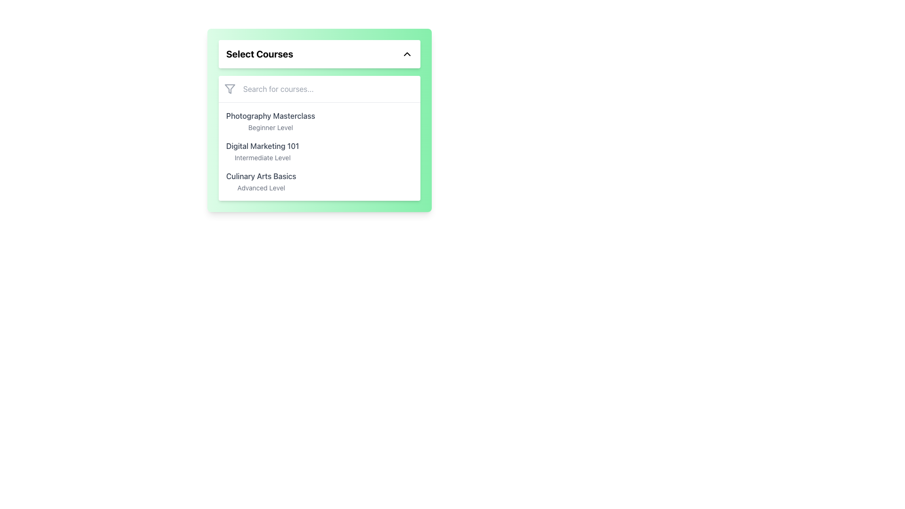 This screenshot has height=509, width=905. Describe the element at coordinates (260, 54) in the screenshot. I see `static text label displaying 'Select Courses' located at the top-left of the dropdown menu` at that location.